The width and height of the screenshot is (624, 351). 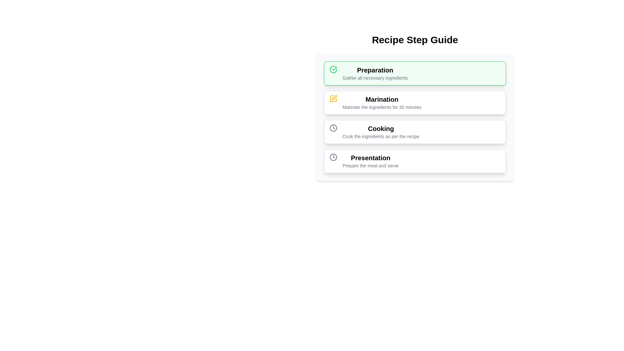 What do you see at coordinates (414, 73) in the screenshot?
I see `the content of the first Informational Card in the Recipe Step Guide, which has a light green background, a green border, and contains the title 'Preparation' and subtitle 'Gather all necessary ingredients'` at bounding box center [414, 73].